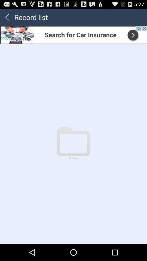  Describe the element at coordinates (7, 17) in the screenshot. I see `go back` at that location.